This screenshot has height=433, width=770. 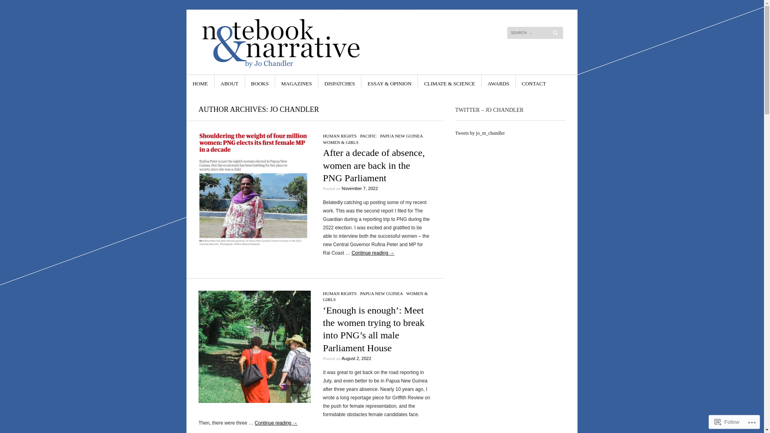 I want to click on 'August 2, 2022', so click(x=341, y=358).